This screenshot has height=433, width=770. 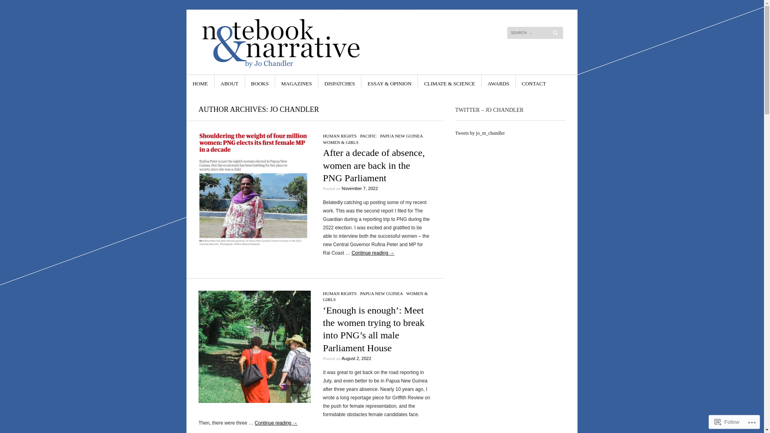 I want to click on 'August 2, 2022', so click(x=341, y=358).